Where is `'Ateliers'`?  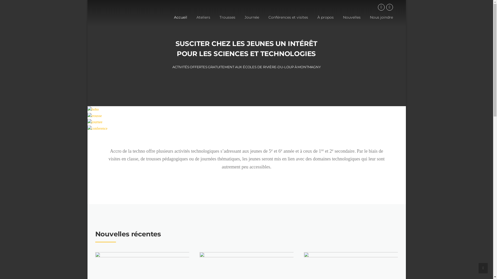 'Ateliers' is located at coordinates (203, 21).